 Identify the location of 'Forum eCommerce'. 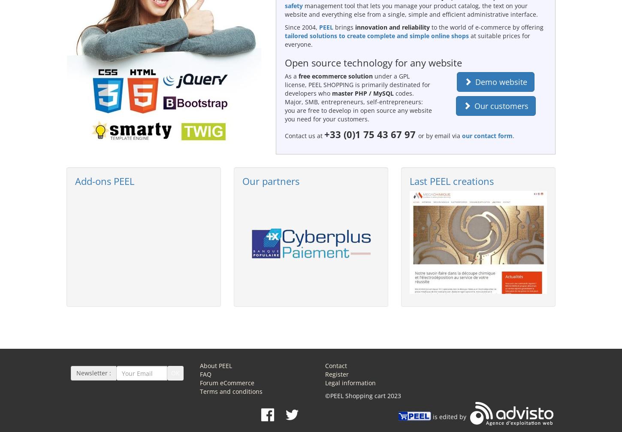
(226, 382).